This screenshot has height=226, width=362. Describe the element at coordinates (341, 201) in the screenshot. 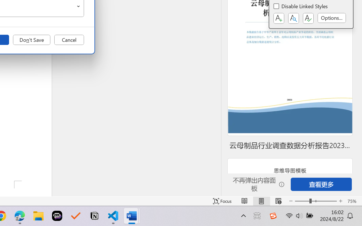

I see `'Zoom In'` at that location.